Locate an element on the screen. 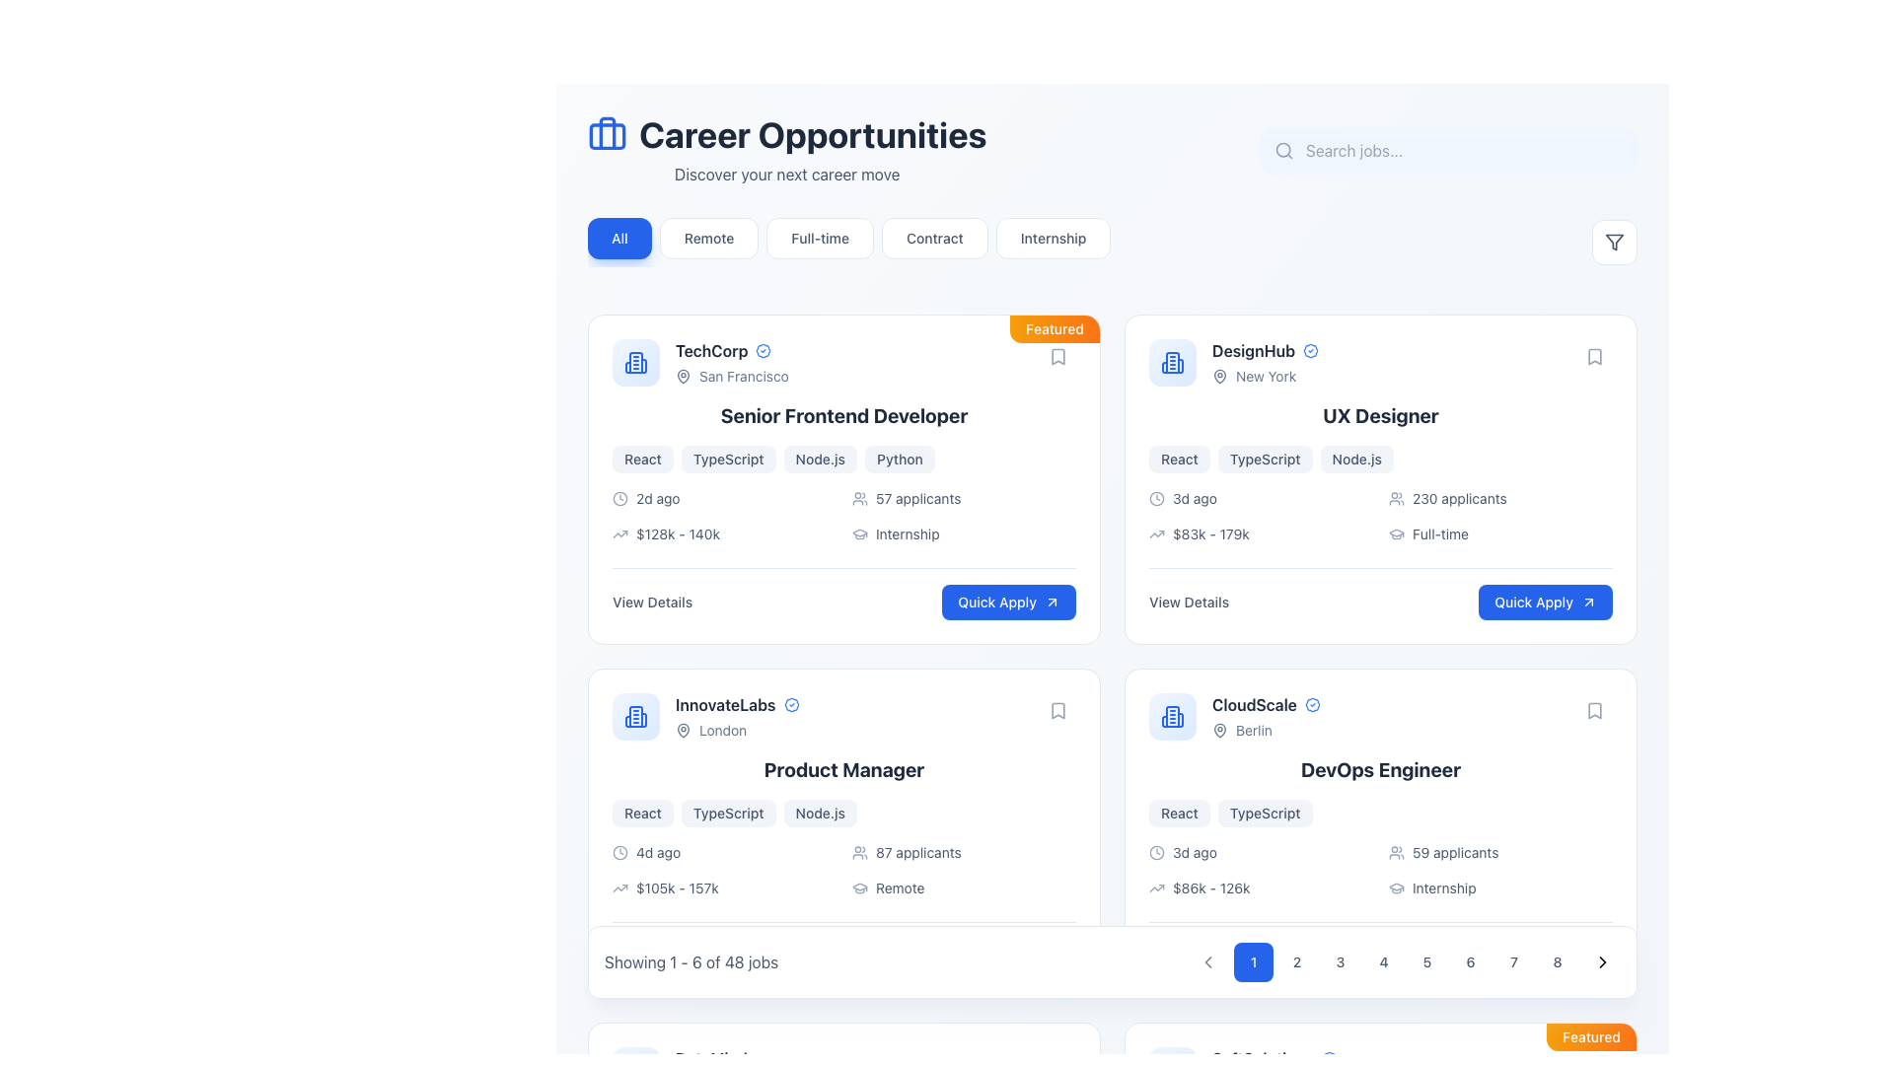 The width and height of the screenshot is (1894, 1065). the 'Full-time' tab button is located at coordinates (849, 242).